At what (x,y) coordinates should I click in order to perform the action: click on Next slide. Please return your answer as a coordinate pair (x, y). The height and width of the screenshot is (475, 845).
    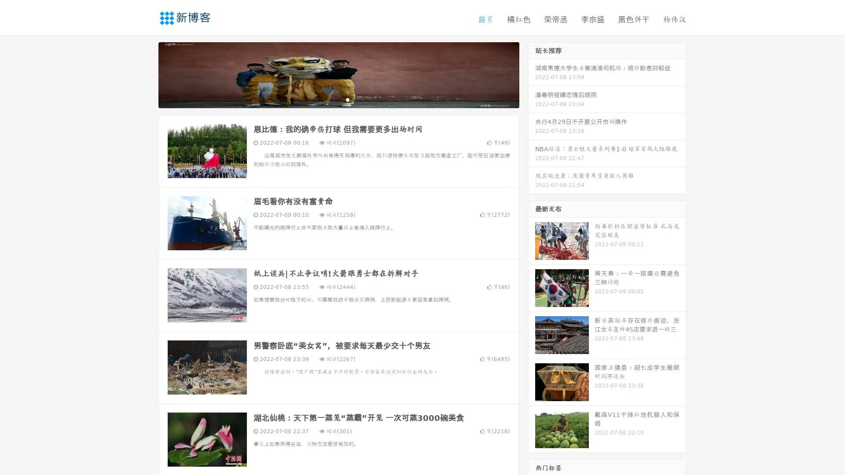
    Looking at the image, I should click on (532, 74).